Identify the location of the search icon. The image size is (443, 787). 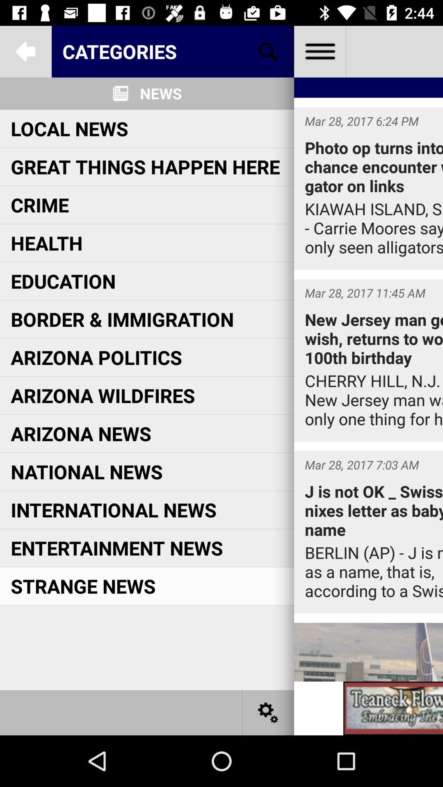
(268, 51).